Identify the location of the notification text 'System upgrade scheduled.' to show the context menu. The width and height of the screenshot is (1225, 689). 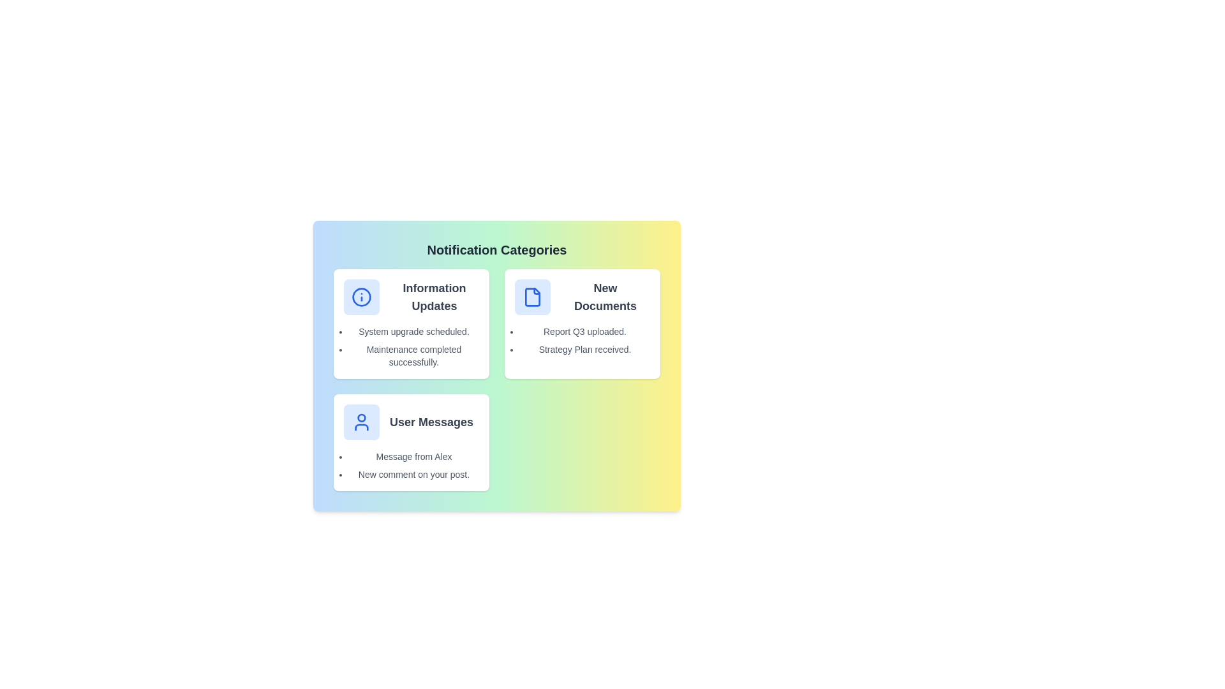
(413, 331).